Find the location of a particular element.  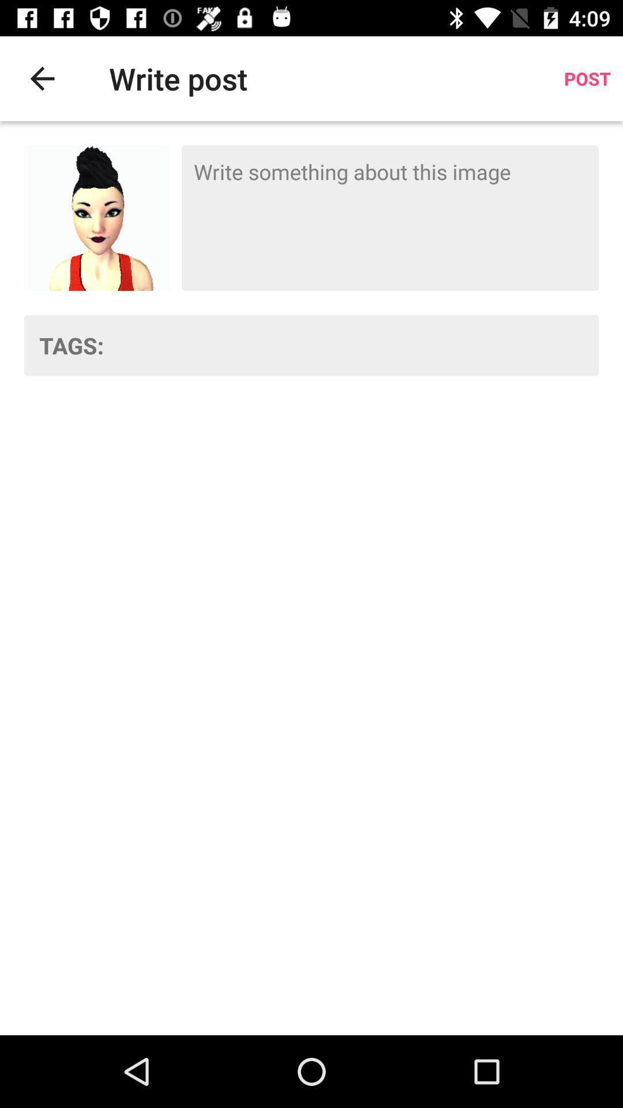

description box is located at coordinates (389, 218).